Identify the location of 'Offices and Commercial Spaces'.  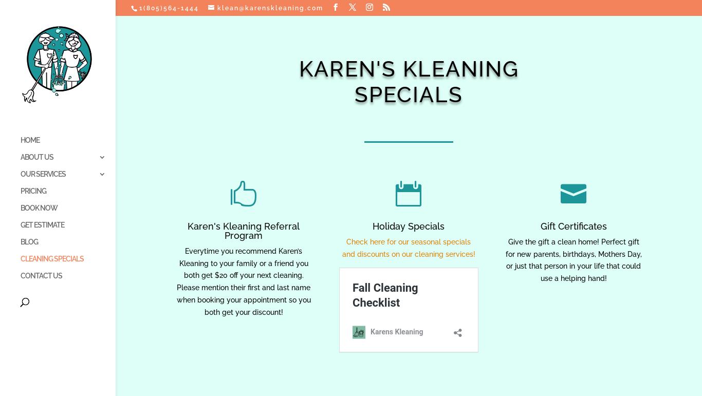
(138, 313).